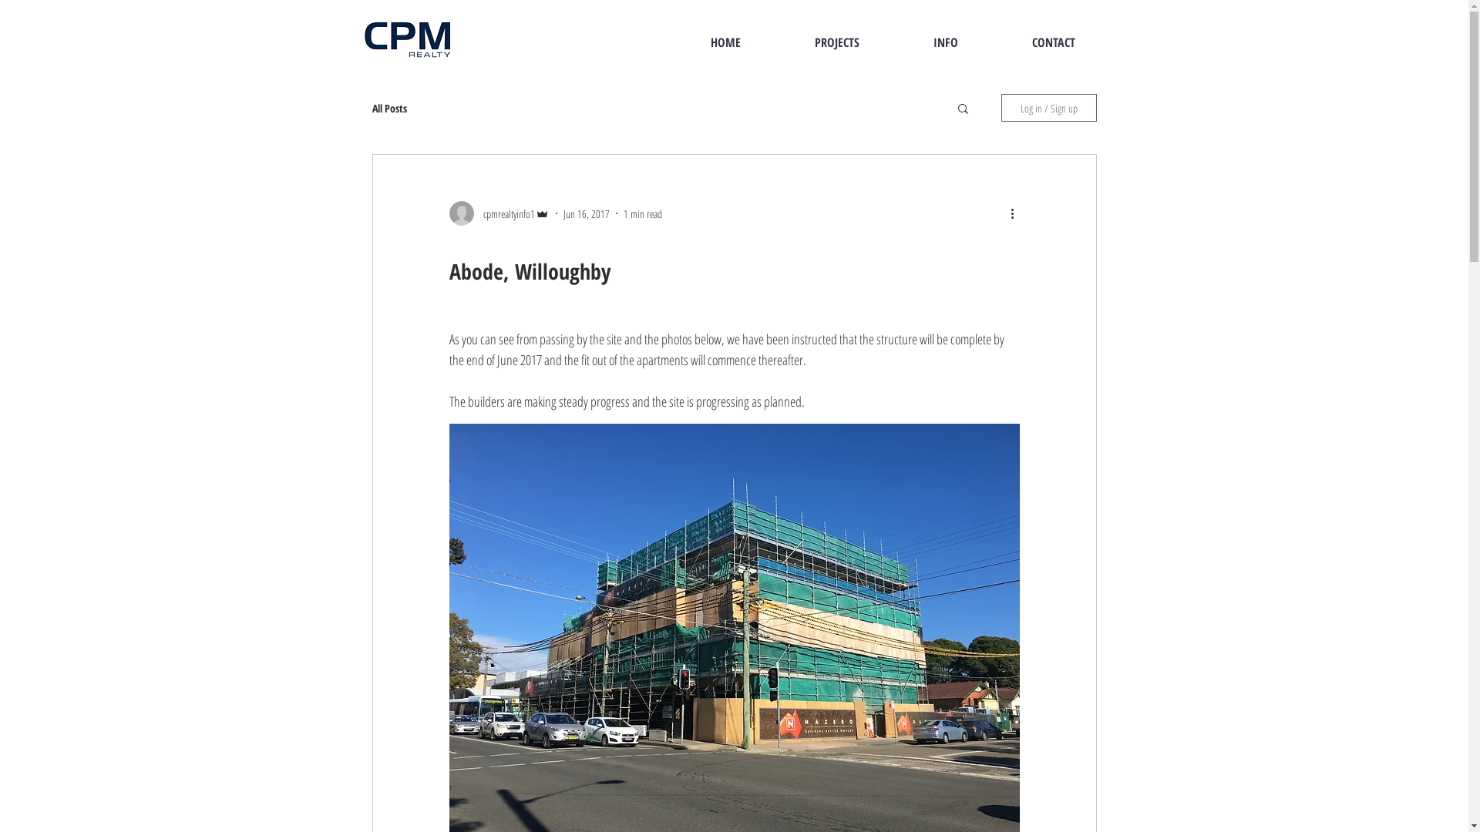 Image resolution: width=1480 pixels, height=832 pixels. What do you see at coordinates (1048, 106) in the screenshot?
I see `'Log in / Sign up'` at bounding box center [1048, 106].